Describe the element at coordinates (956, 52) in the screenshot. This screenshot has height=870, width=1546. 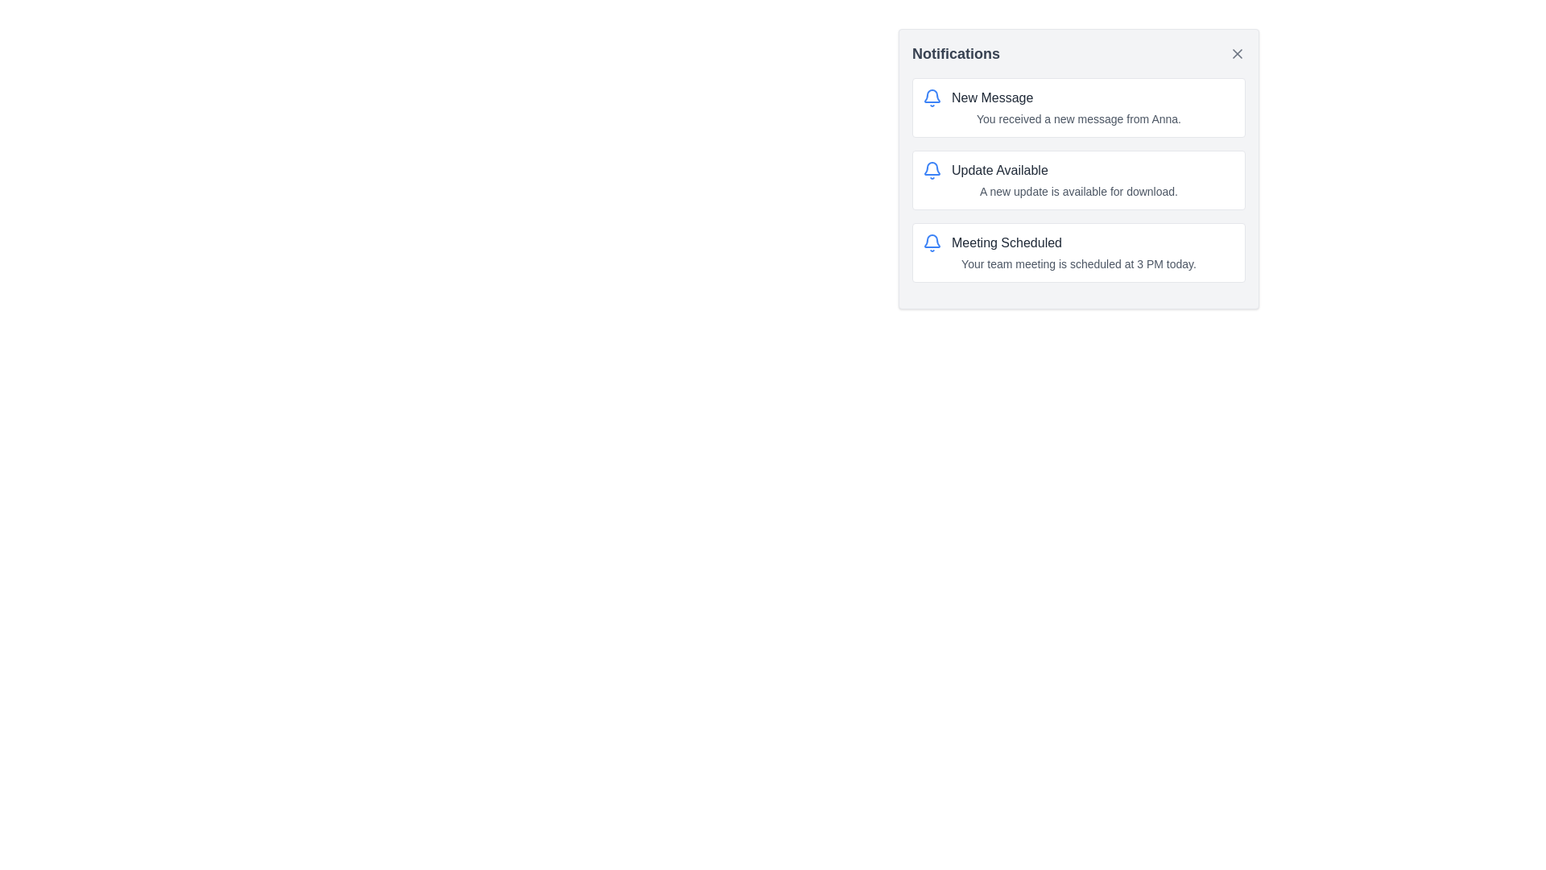
I see `the 'Notifications' static text label, which is styled in bold, large gray font and serves as a section header for the notification panel` at that location.